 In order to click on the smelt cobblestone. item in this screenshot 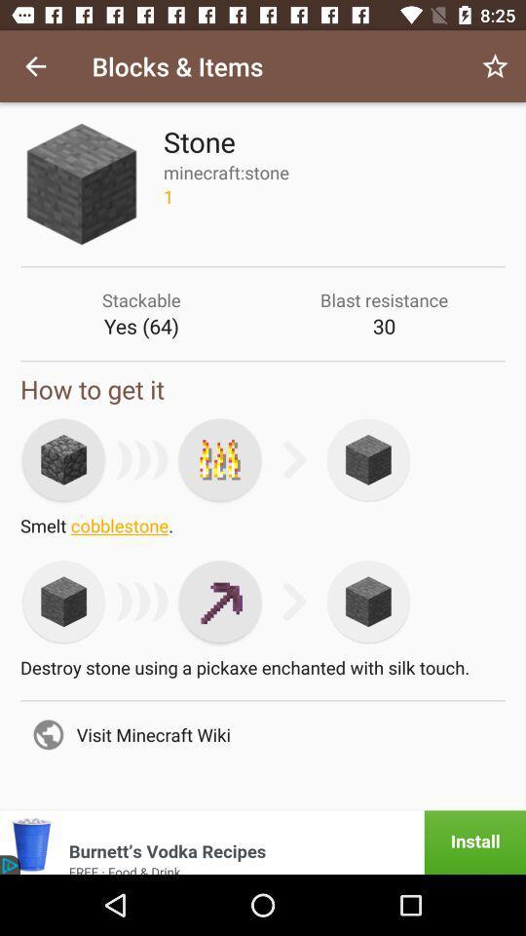, I will do `click(263, 530)`.